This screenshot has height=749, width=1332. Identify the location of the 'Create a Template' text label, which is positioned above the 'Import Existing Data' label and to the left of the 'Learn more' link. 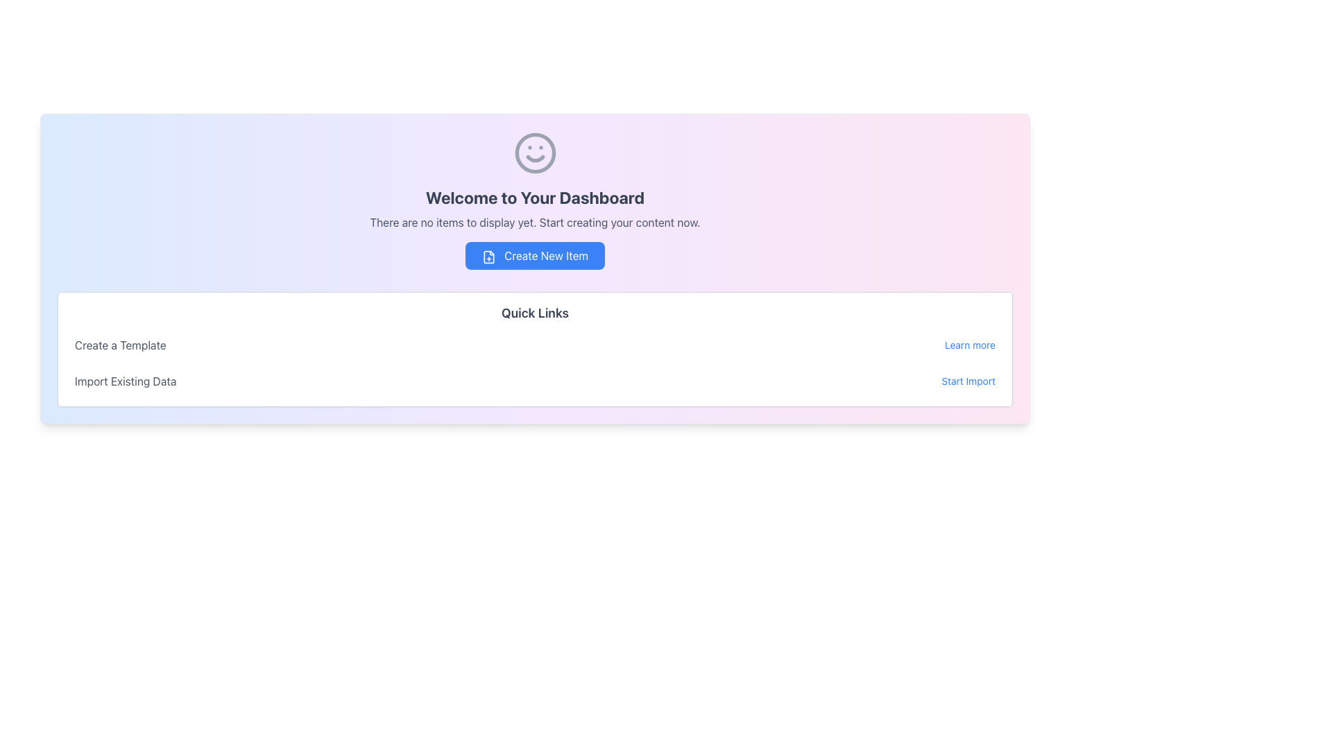
(120, 344).